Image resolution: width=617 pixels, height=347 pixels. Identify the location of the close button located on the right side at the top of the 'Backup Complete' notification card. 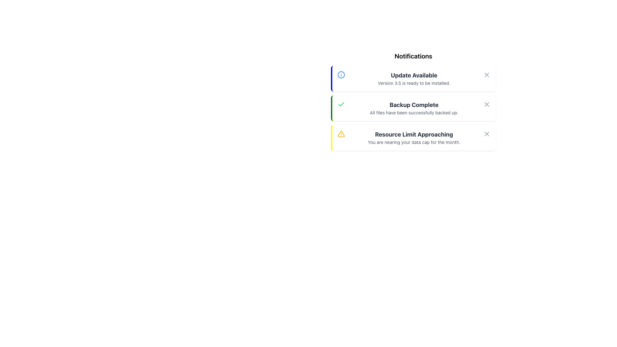
(487, 104).